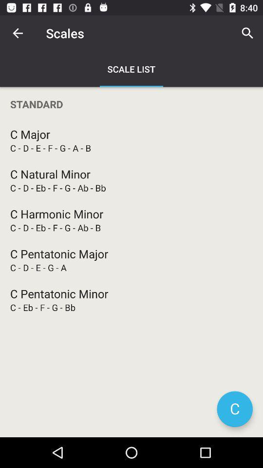 The height and width of the screenshot is (468, 263). I want to click on item next to the scales item, so click(18, 33).